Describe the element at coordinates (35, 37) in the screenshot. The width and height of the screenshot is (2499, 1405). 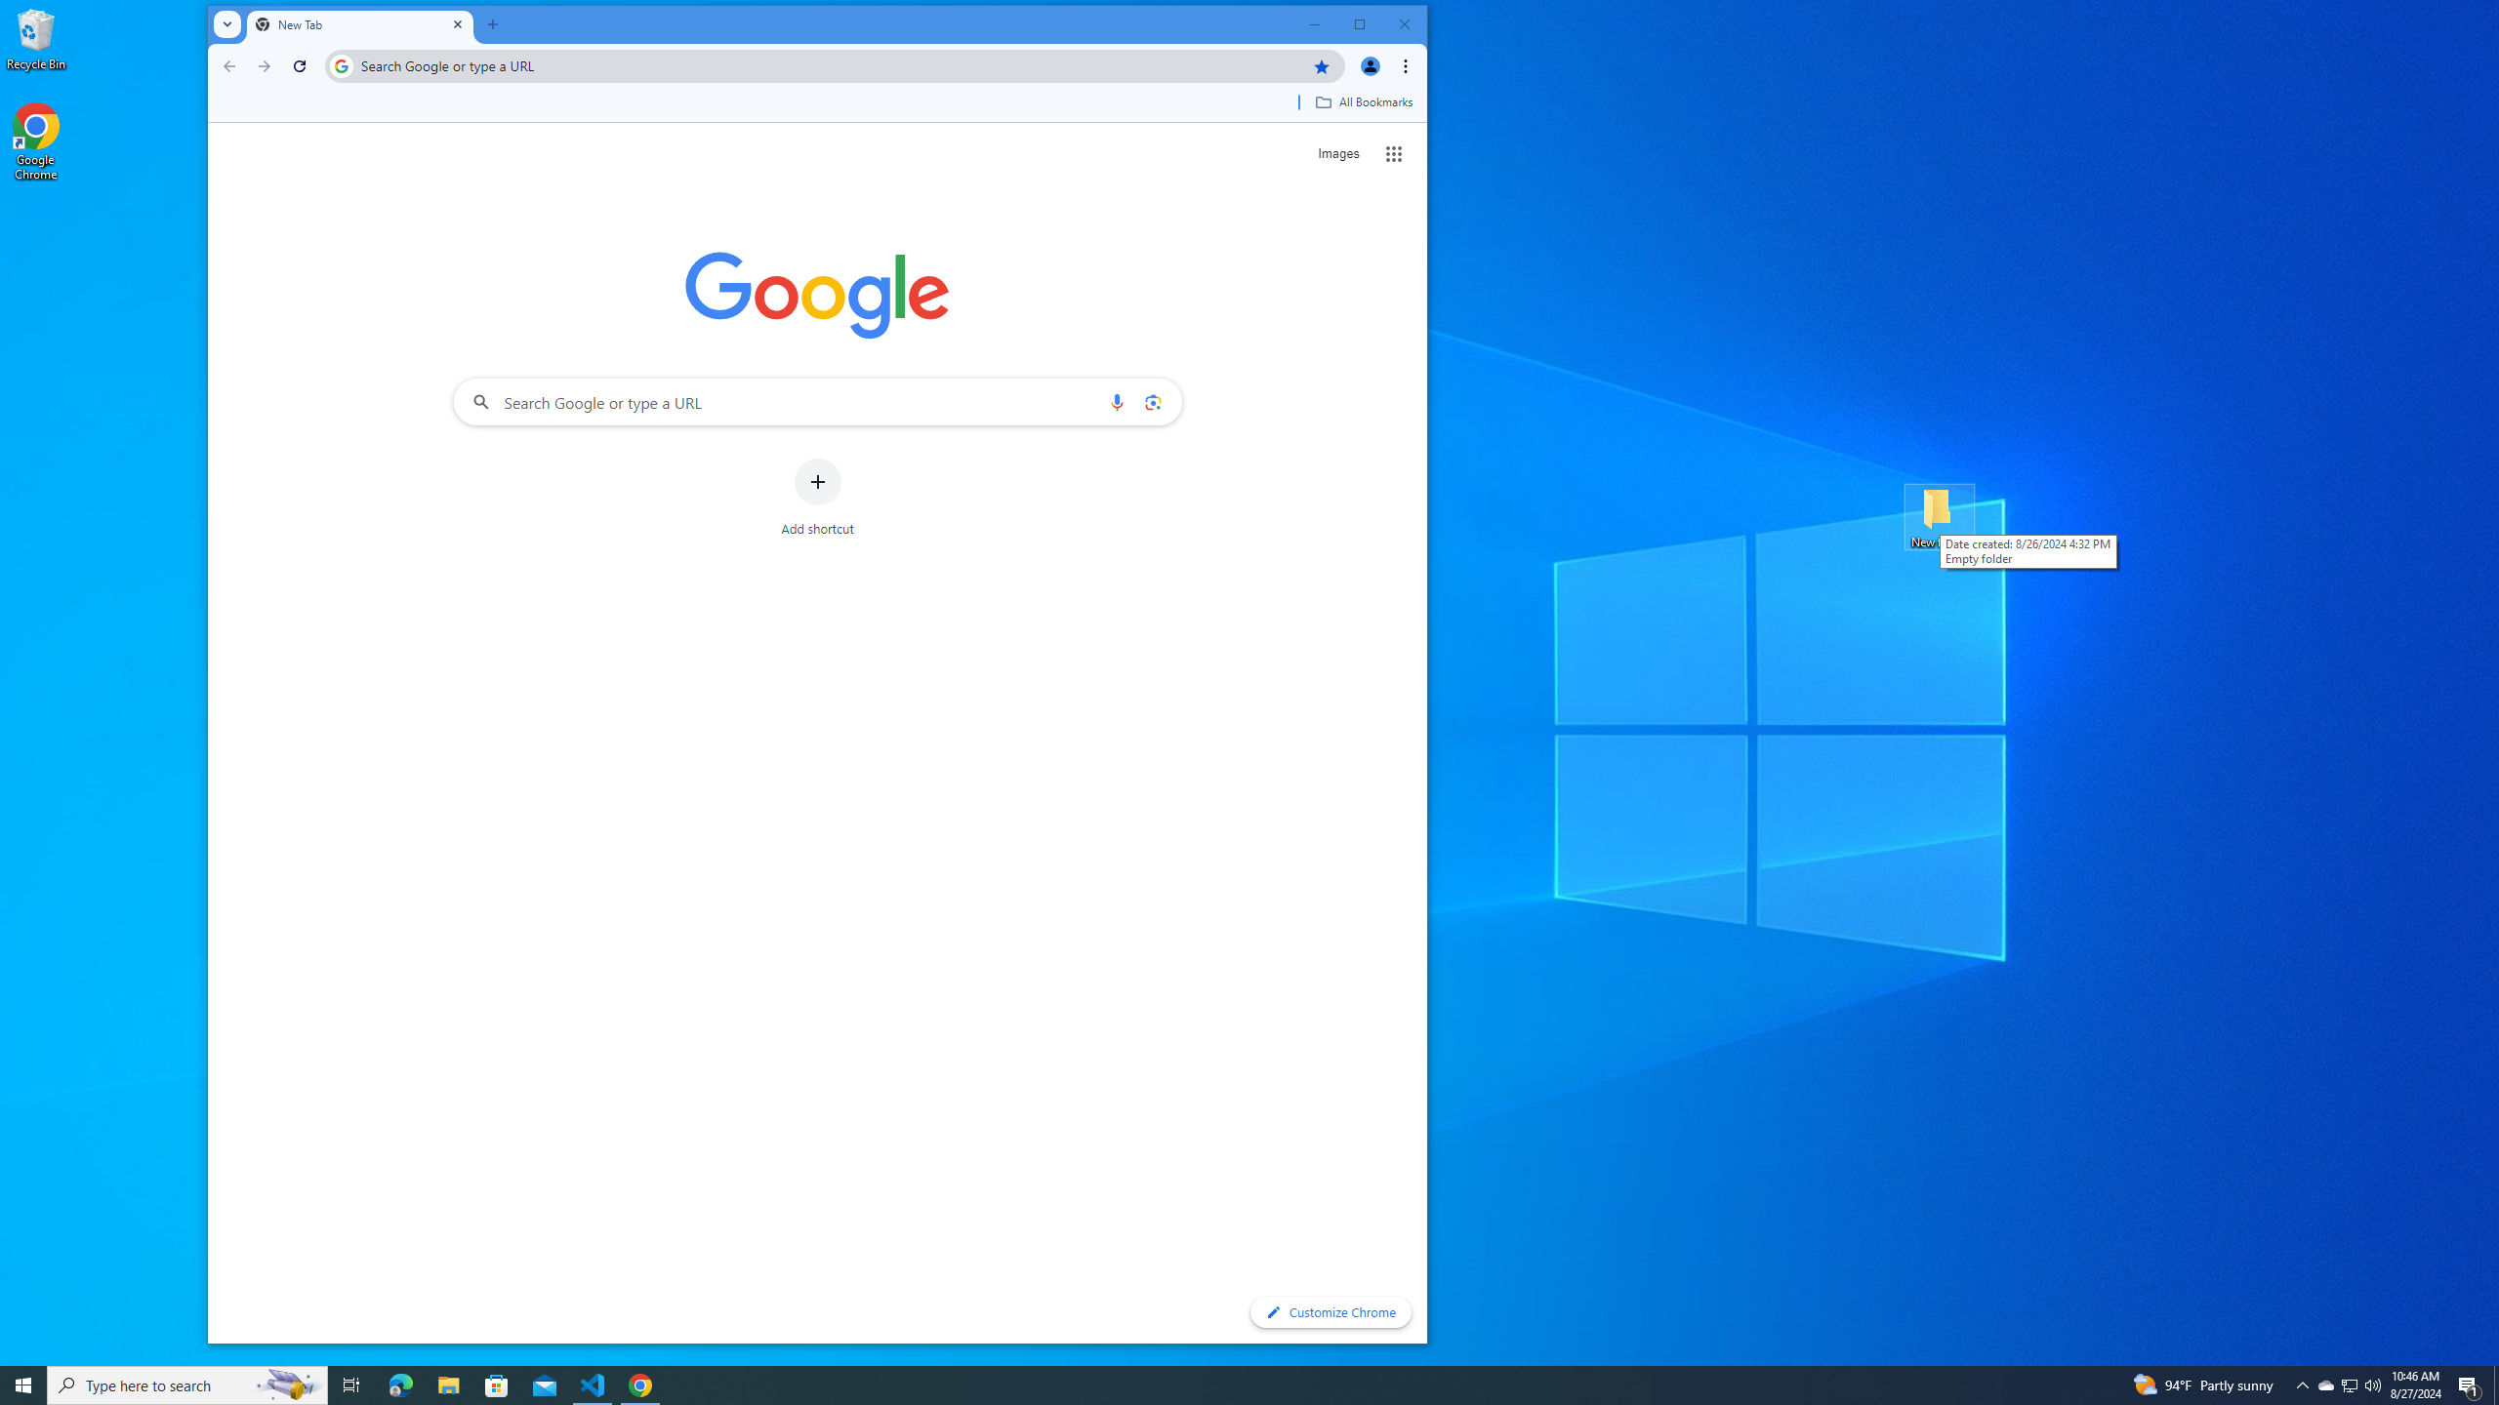
I see `'Recycle Bin'` at that location.